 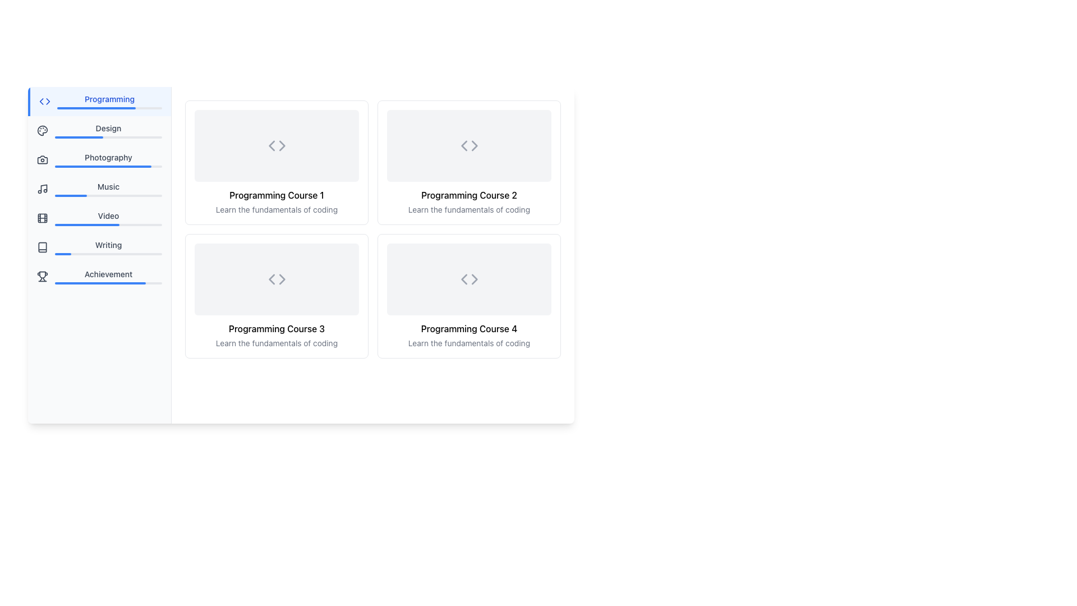 What do you see at coordinates (85, 225) in the screenshot?
I see `the progress bar` at bounding box center [85, 225].